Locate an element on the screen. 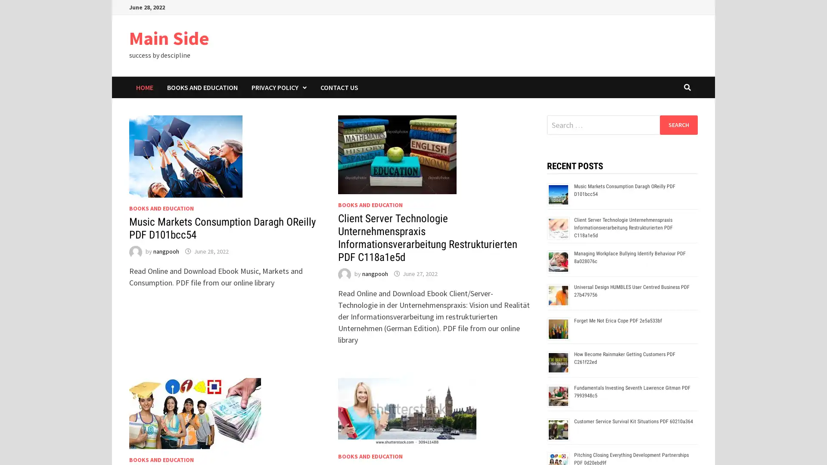  Search is located at coordinates (678, 124).